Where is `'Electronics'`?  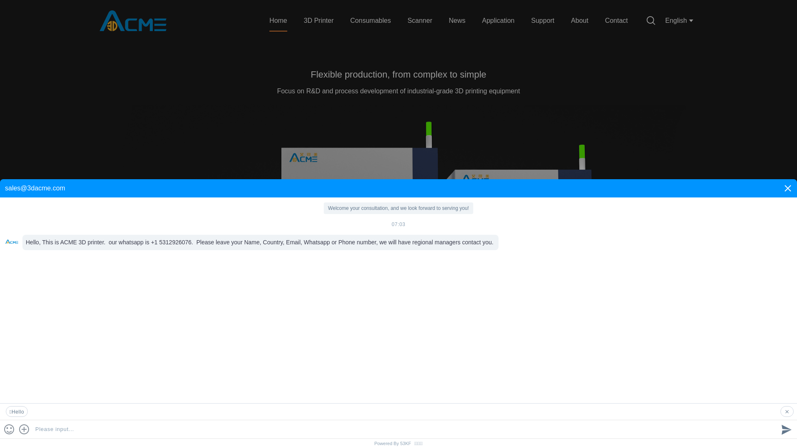
'Electronics' is located at coordinates (137, 426).